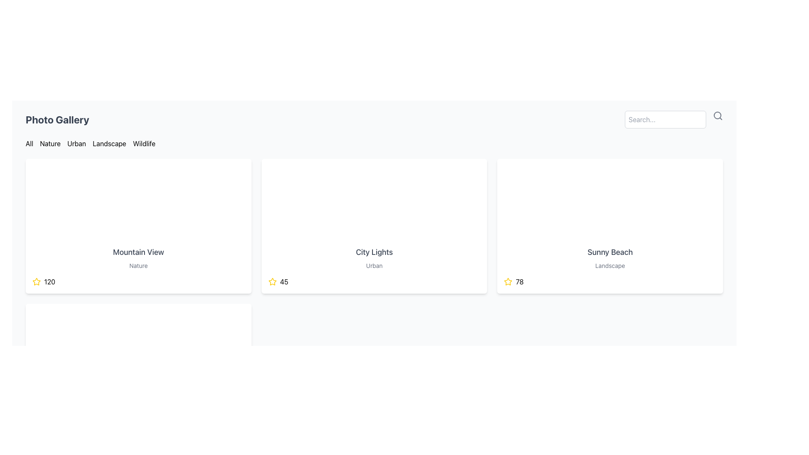  Describe the element at coordinates (718, 115) in the screenshot. I see `the search button located at the rightmost side of the search input field` at that location.